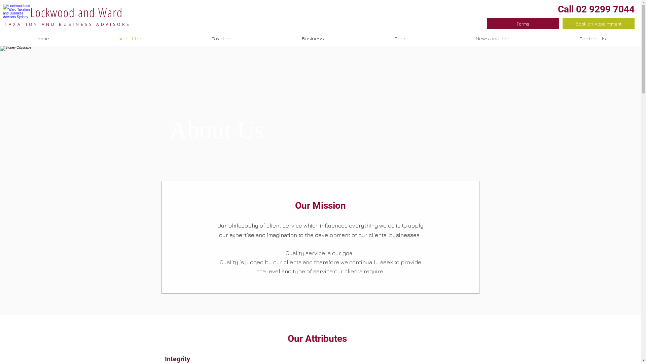 This screenshot has height=363, width=646. I want to click on 'Forms', so click(523, 23).